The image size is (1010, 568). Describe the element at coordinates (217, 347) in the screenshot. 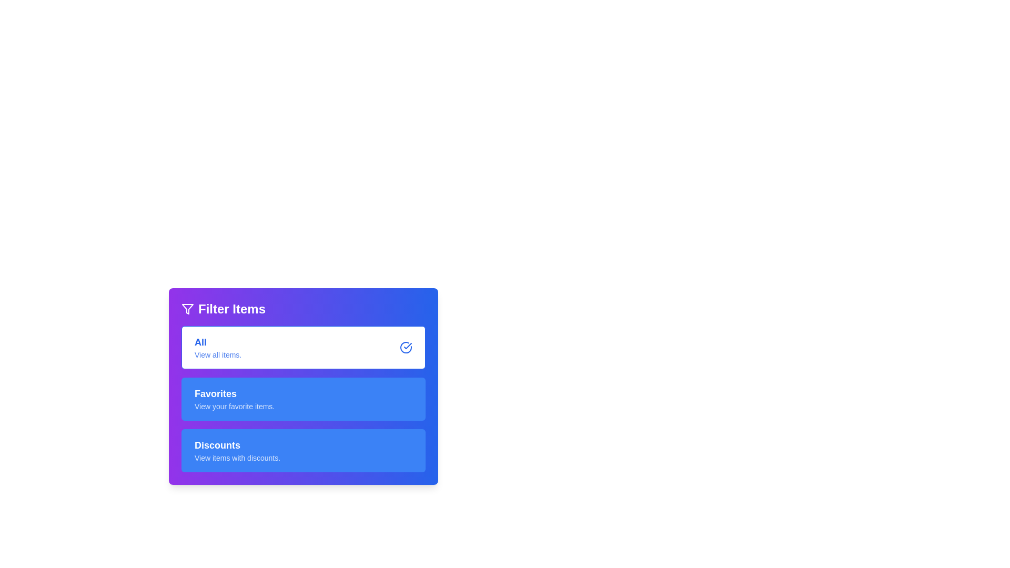

I see `the text label that reads 'All' and 'View all items.' which is styled in a rounded rectangle with a white background and blue text, positioned below the 'Filter Items' title` at that location.